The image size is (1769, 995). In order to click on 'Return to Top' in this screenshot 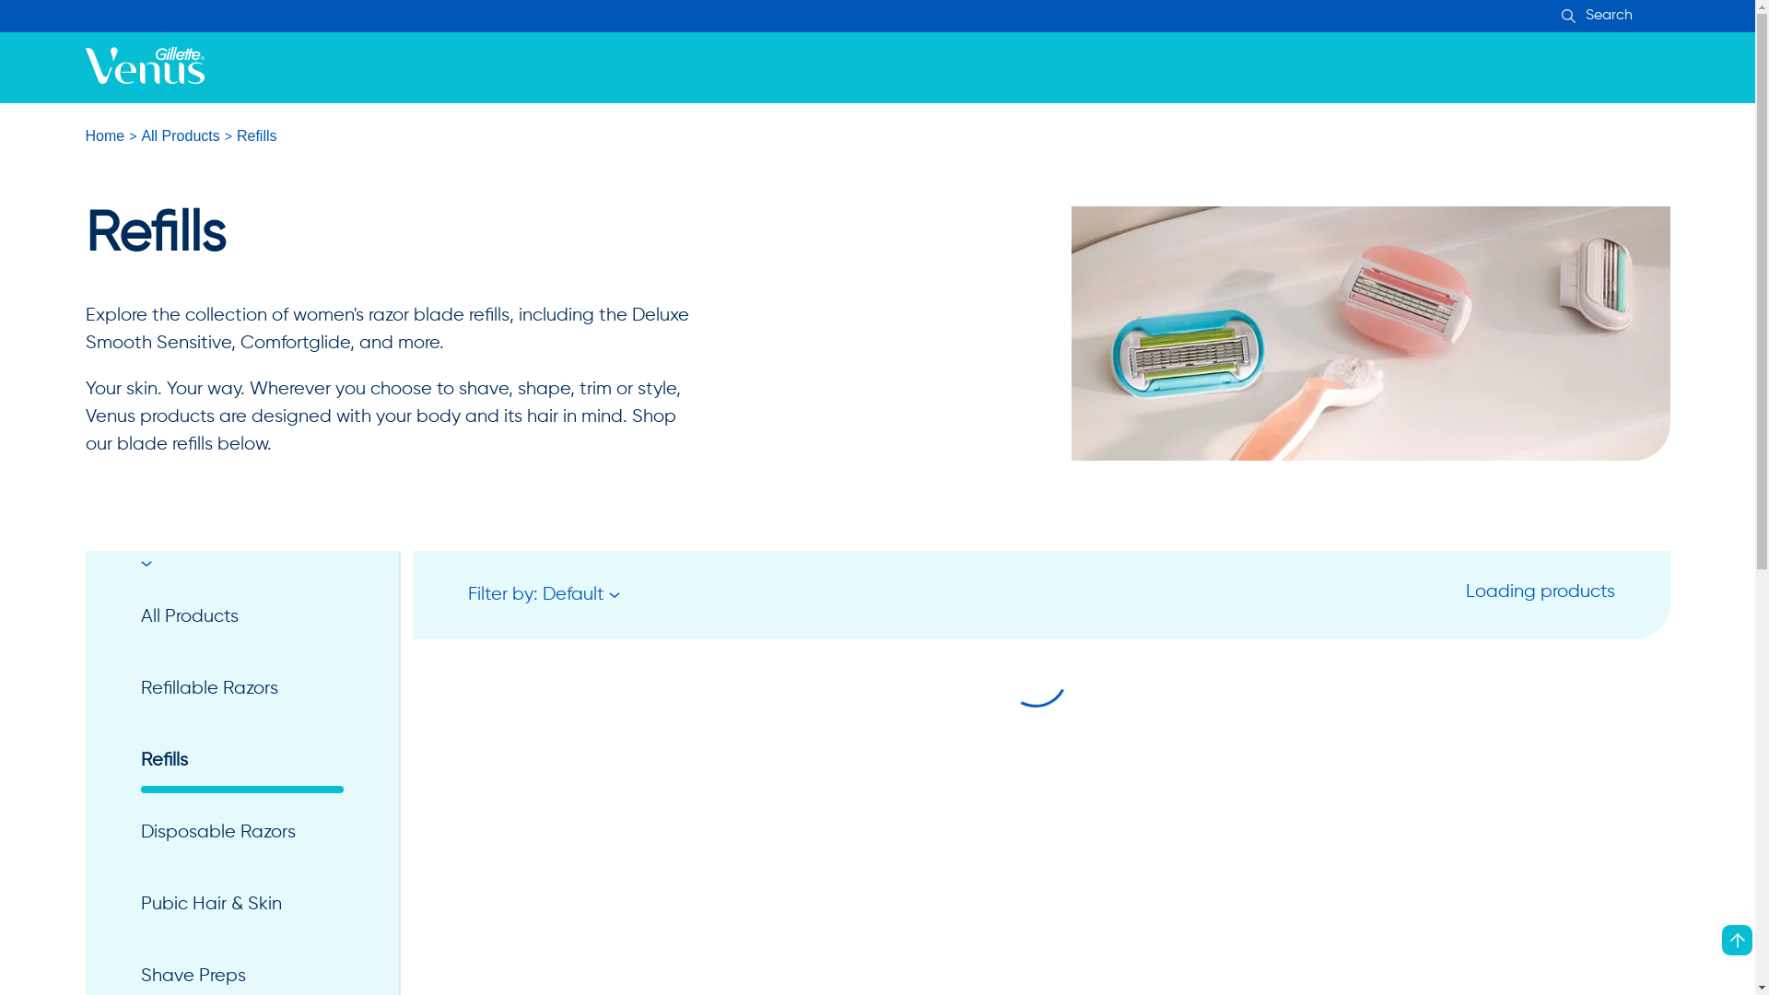, I will do `click(1736, 940)`.